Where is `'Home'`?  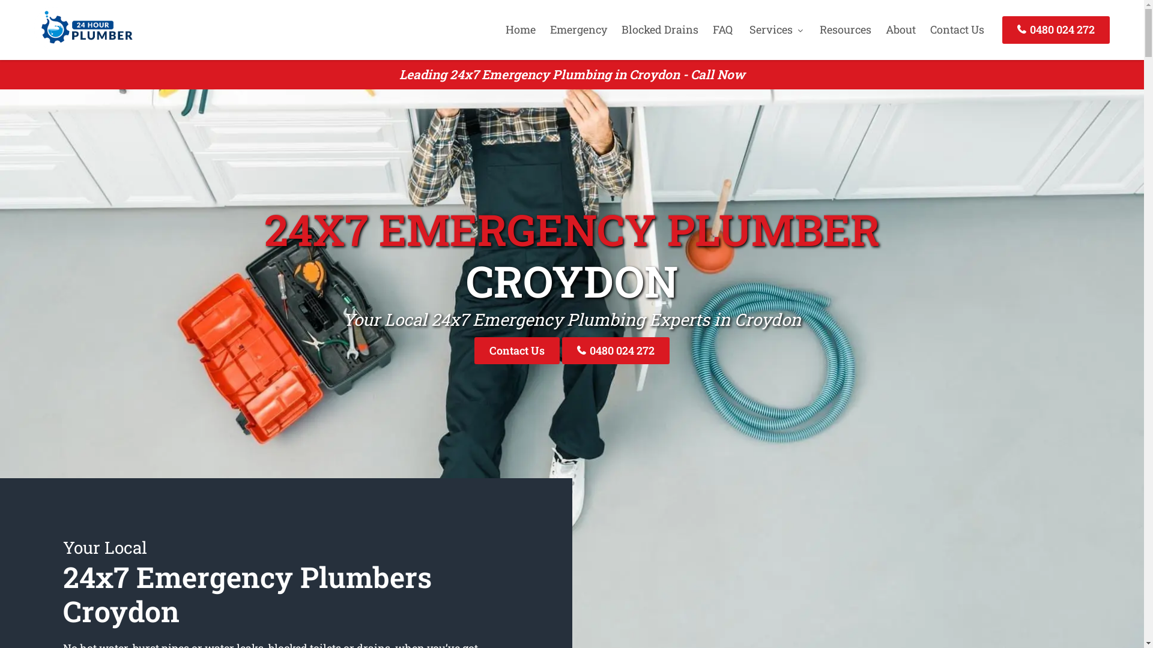 'Home' is located at coordinates (521, 29).